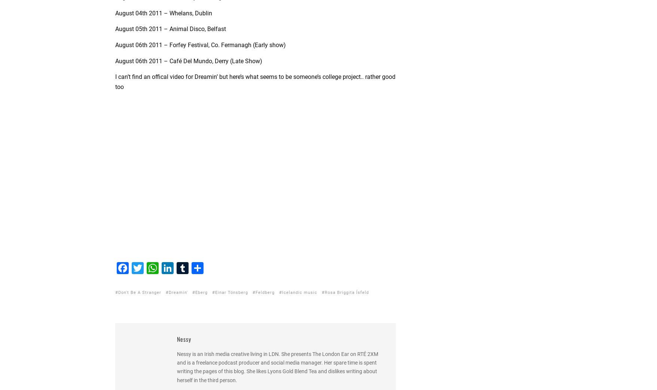 This screenshot has width=657, height=390. What do you see at coordinates (171, 29) in the screenshot?
I see `'August 05th 2011 – Animal Disco, Belfast'` at bounding box center [171, 29].